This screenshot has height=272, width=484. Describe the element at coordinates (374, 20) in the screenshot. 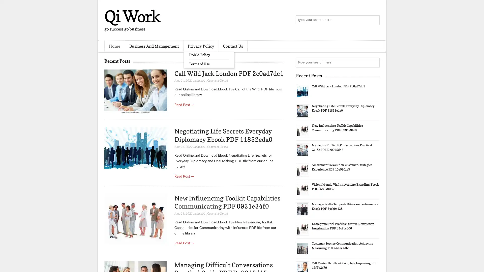

I see `Search` at that location.